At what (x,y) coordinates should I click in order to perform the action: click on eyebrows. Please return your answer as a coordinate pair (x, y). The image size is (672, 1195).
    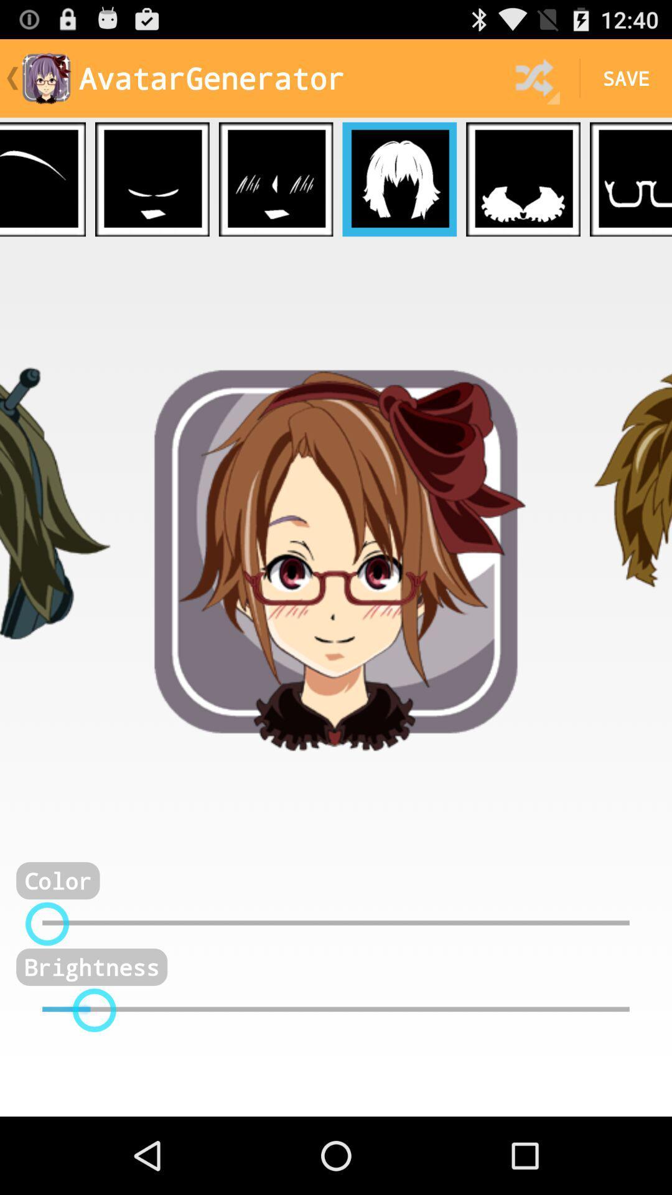
    Looking at the image, I should click on (42, 179).